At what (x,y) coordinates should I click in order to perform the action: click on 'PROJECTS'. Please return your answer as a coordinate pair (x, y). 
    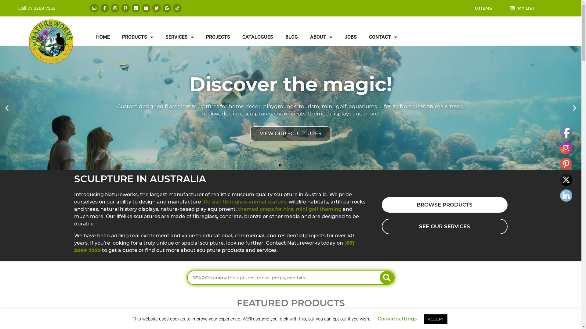
    Looking at the image, I should click on (218, 37).